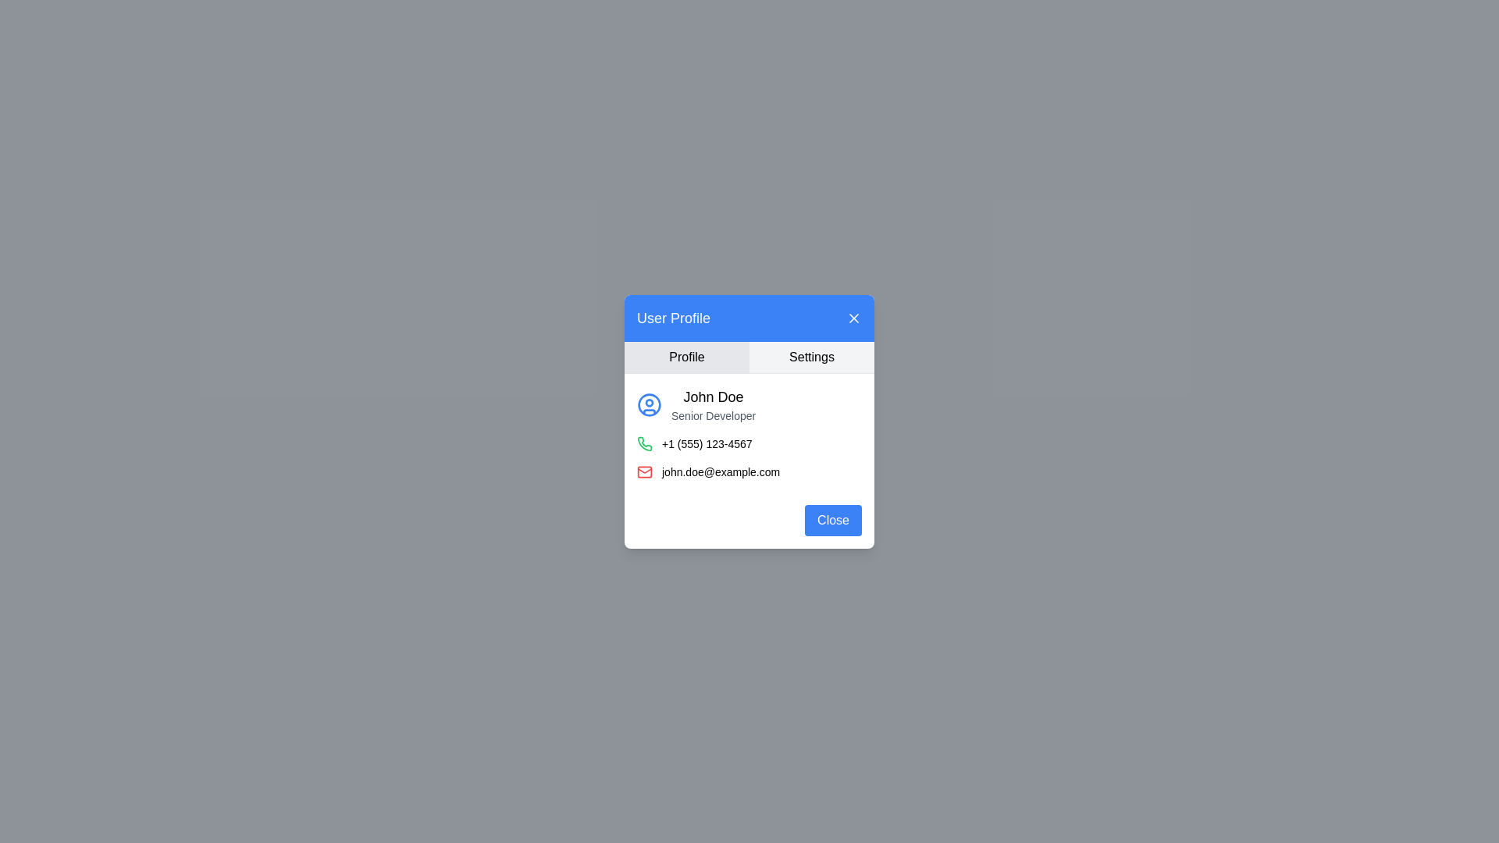 The width and height of the screenshot is (1499, 843). Describe the element at coordinates (713, 396) in the screenshot. I see `the user name displayed at the top-left section of the user profile card, which is located above the job title 'Senior Developer'` at that location.